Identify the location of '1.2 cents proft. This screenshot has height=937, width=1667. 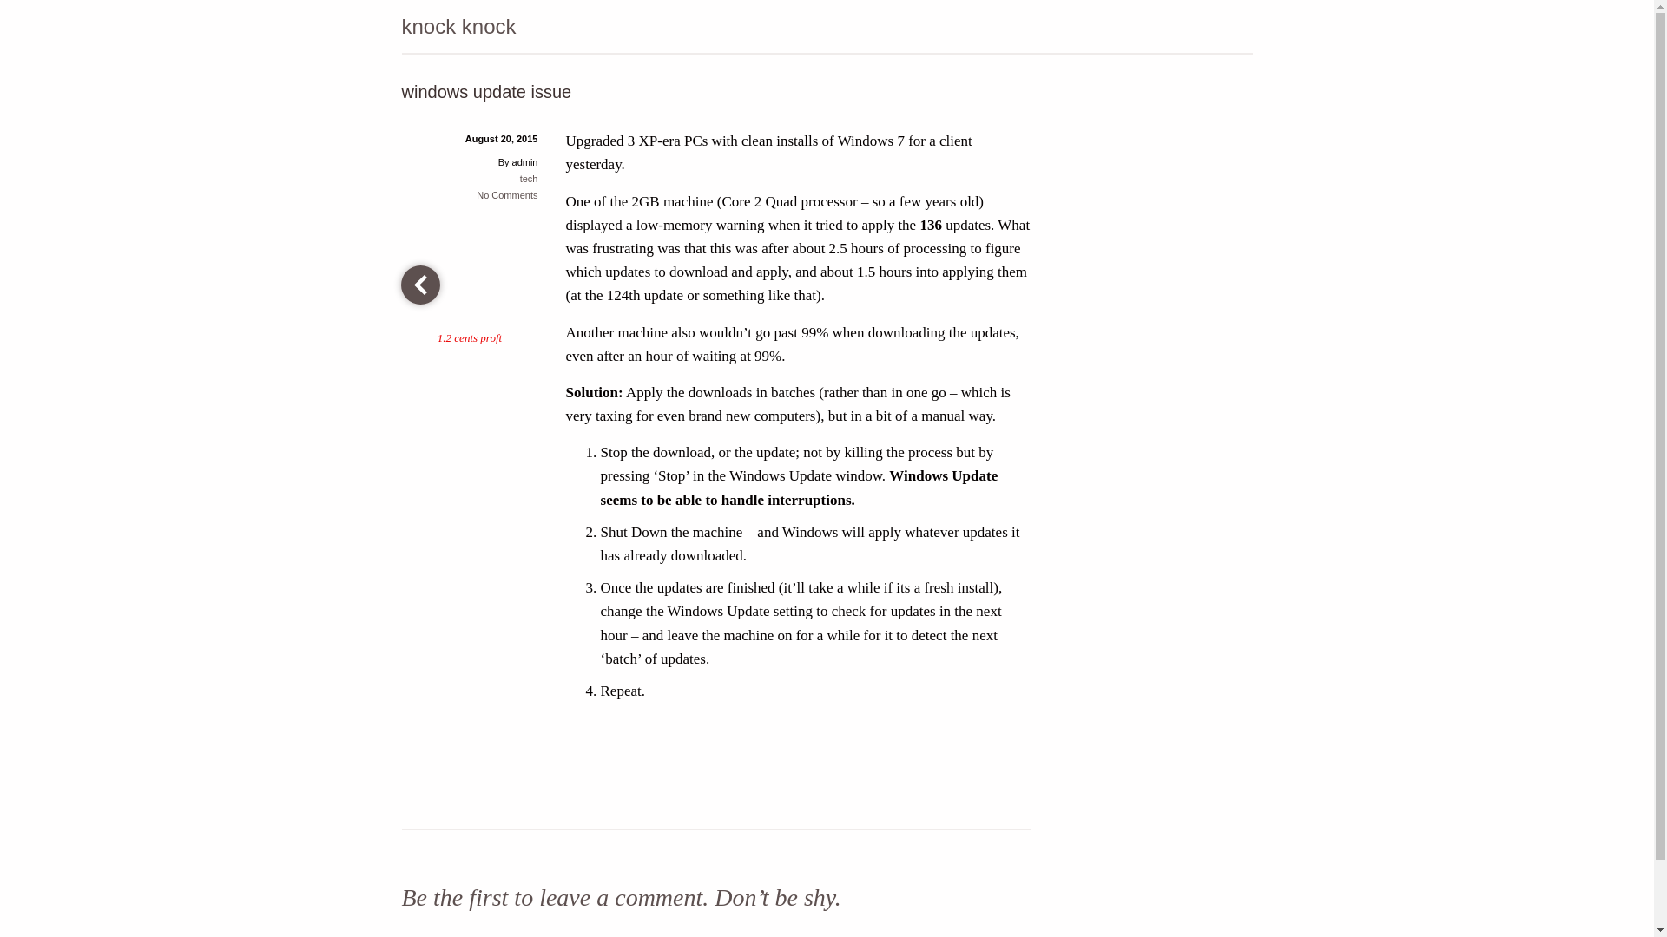
(469, 304).